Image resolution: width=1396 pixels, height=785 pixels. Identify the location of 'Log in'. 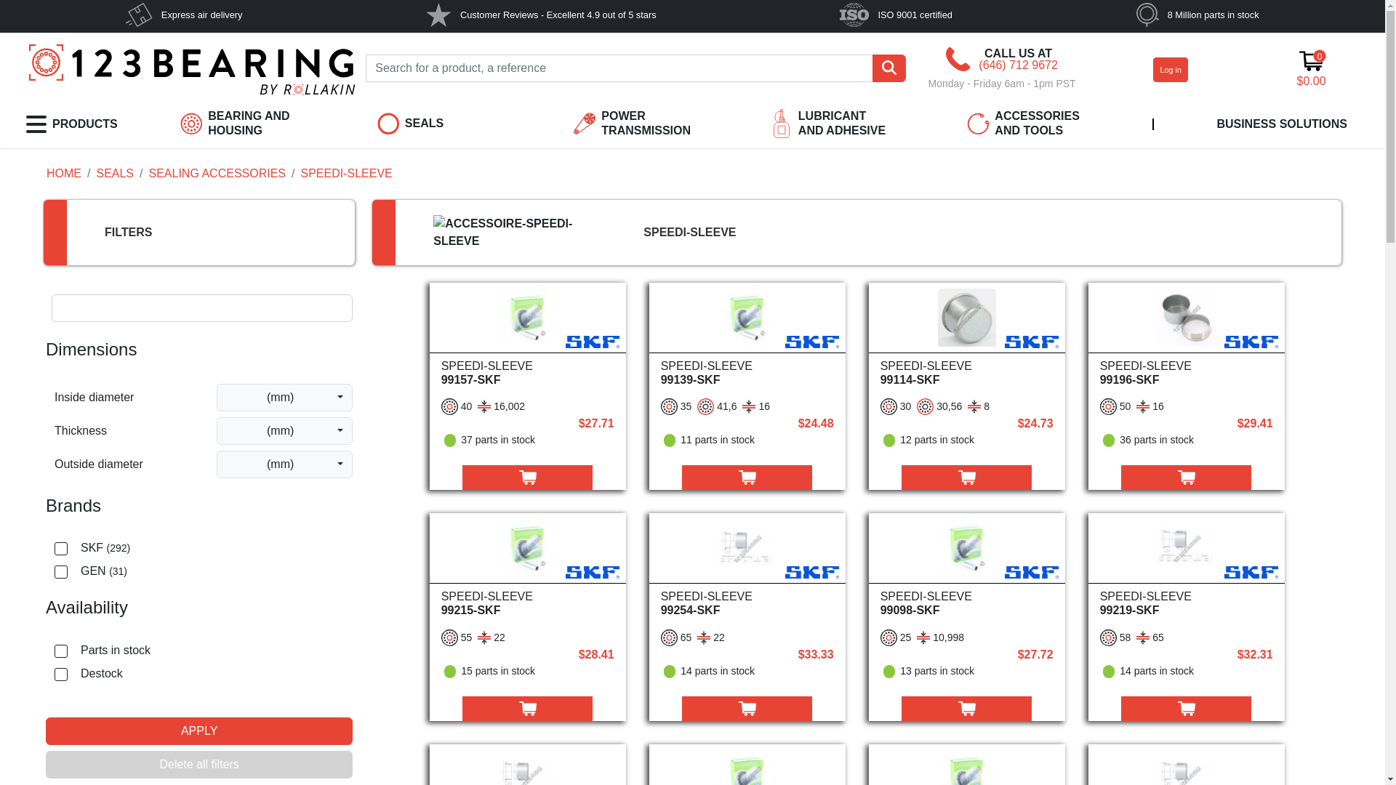
(1170, 70).